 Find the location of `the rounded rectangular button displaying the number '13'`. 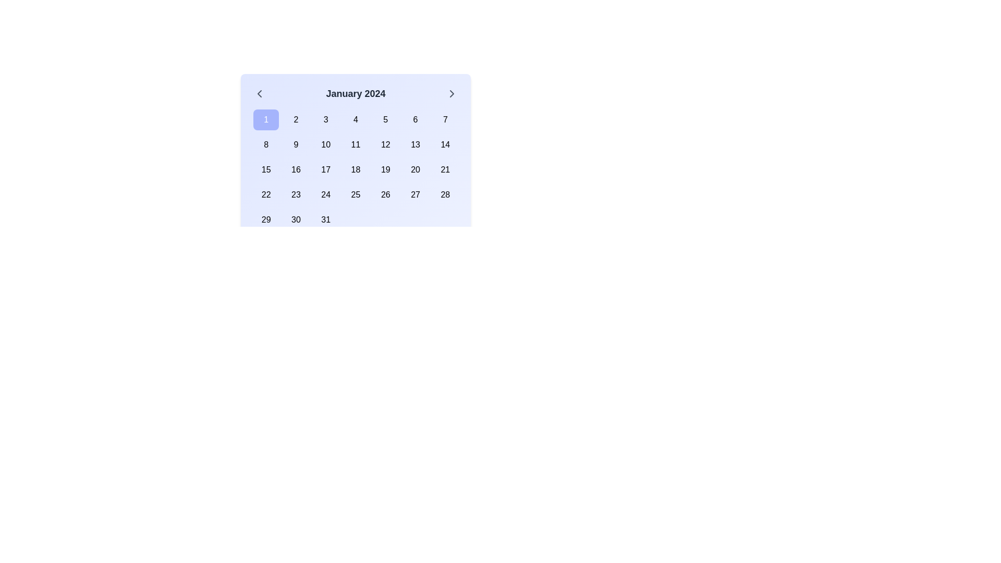

the rounded rectangular button displaying the number '13' is located at coordinates (414, 144).